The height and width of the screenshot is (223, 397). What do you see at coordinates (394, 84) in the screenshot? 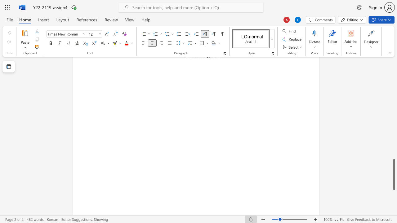
I see `the scrollbar on the right to move the page upward` at bounding box center [394, 84].